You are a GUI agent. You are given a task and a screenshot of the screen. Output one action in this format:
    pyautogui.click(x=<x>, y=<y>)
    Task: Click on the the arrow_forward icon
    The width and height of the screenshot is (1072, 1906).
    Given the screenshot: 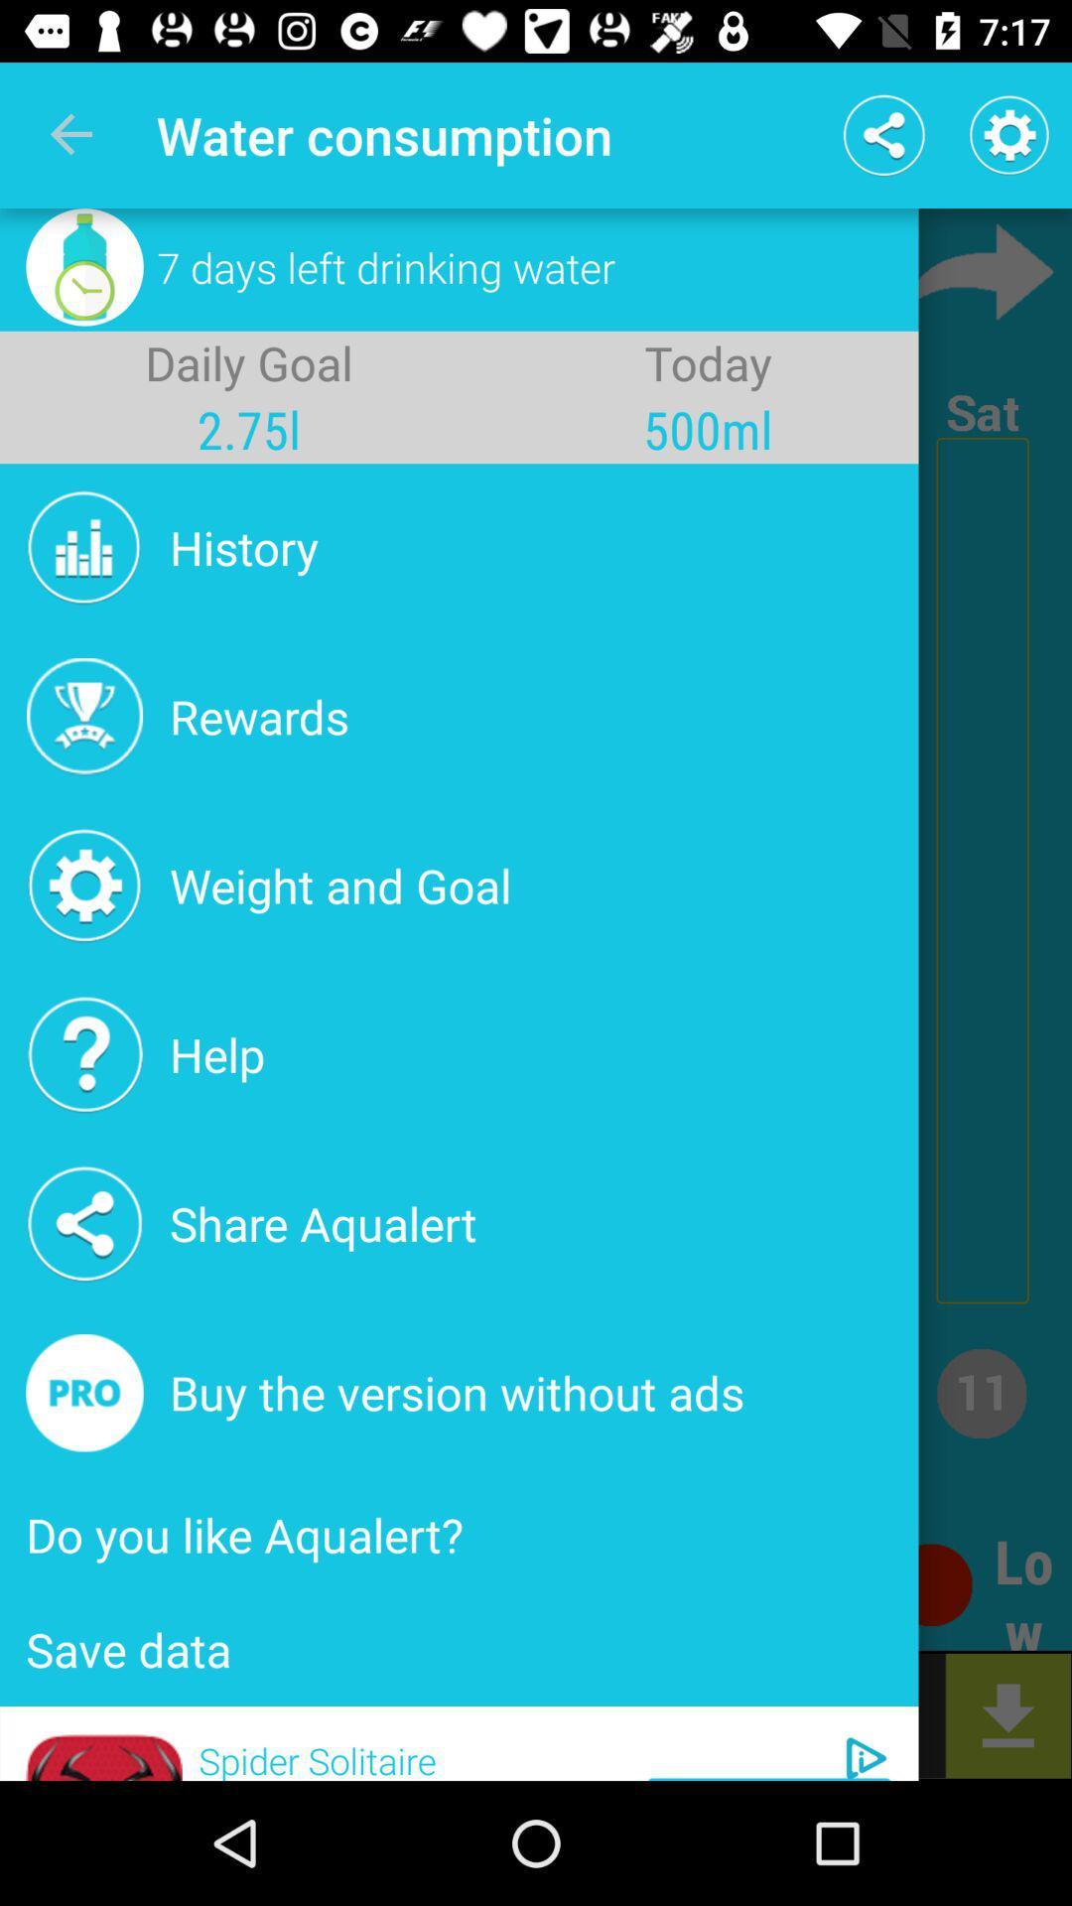 What is the action you would take?
    pyautogui.click(x=976, y=270)
    